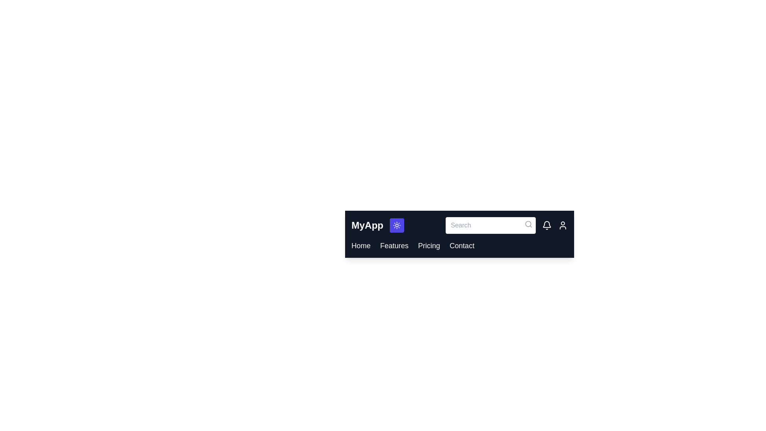  Describe the element at coordinates (547, 225) in the screenshot. I see `the notification bell icon` at that location.